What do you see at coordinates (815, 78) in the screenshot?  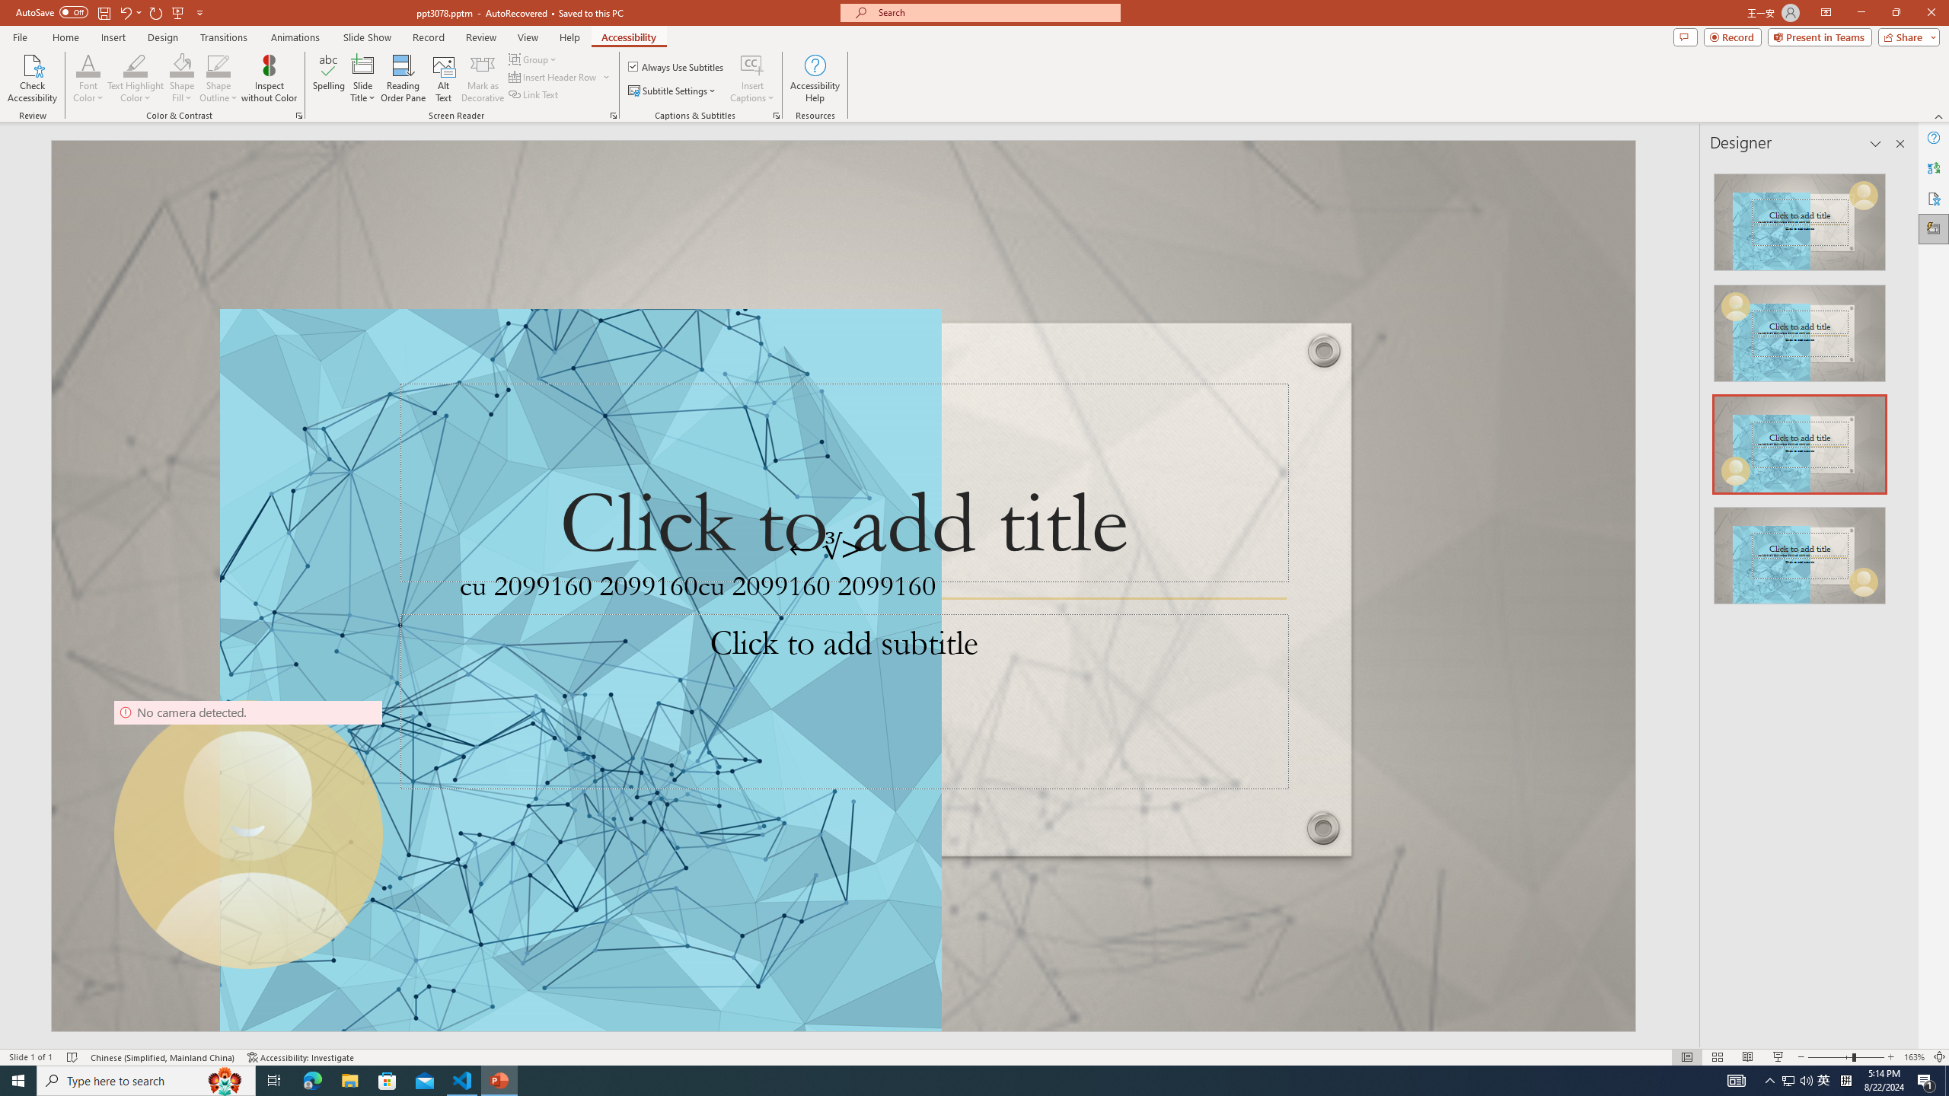 I see `'Accessibility Help'` at bounding box center [815, 78].